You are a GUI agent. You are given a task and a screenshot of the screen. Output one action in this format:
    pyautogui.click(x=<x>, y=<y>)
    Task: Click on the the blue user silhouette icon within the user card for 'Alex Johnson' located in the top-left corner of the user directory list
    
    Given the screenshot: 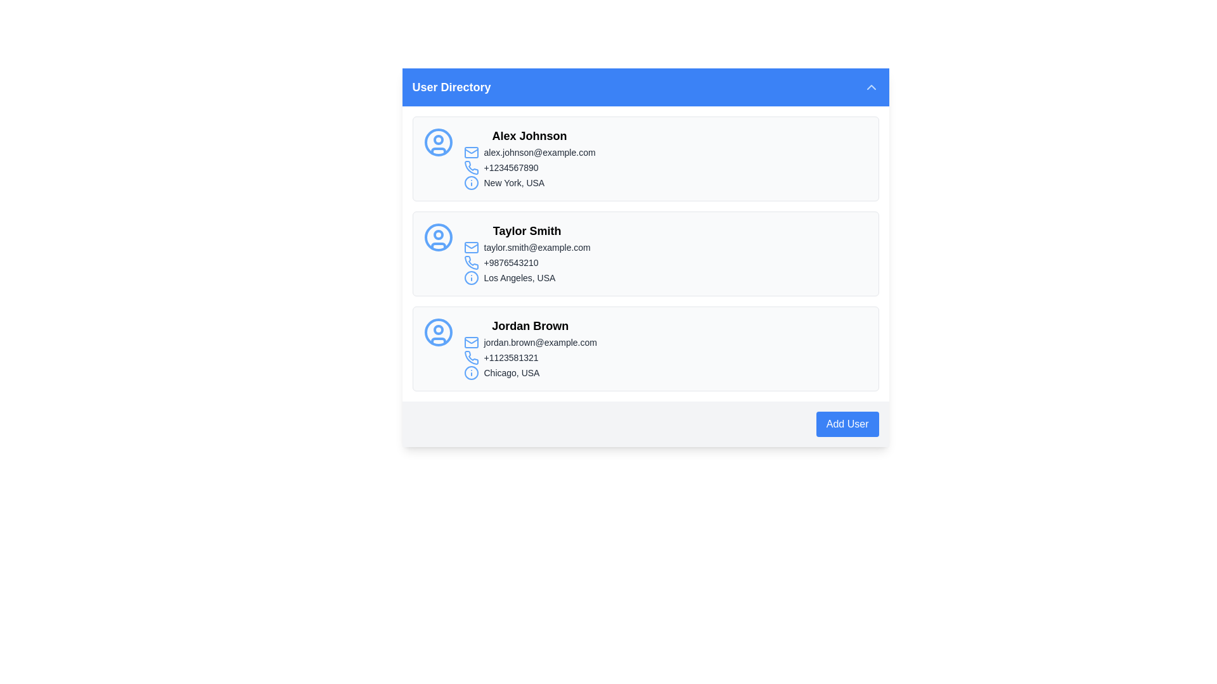 What is the action you would take?
    pyautogui.click(x=438, y=142)
    